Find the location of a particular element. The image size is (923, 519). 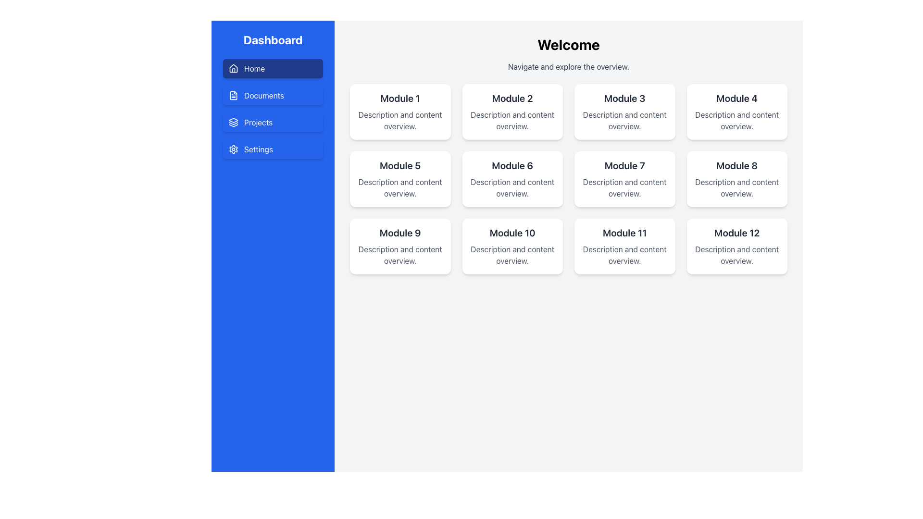

text content of the title label located in the card titled 'Module 11' in the second row, third column of the grid layout is located at coordinates (624, 233).